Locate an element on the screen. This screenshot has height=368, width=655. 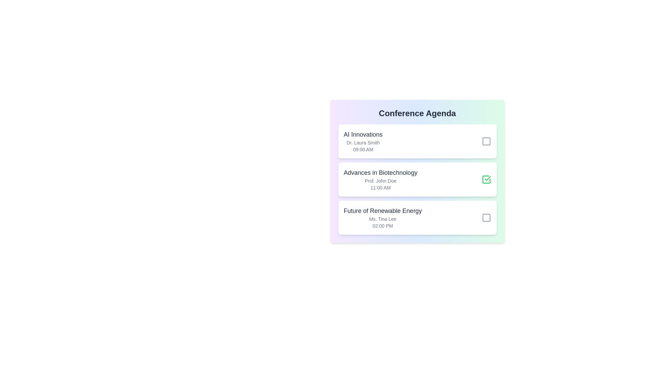
the checkbox for the session 'Future of Renewable Energy' to toggle its selection state is located at coordinates (486, 218).